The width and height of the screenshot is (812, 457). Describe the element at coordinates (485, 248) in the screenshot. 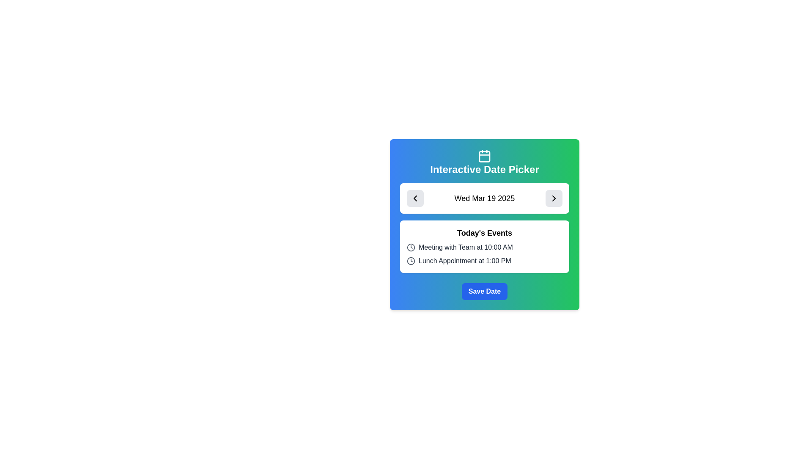

I see `the Text Label with Icon displaying the event scheduled for '10:00 AM', which is the first item in the 'Today's Events' list` at that location.